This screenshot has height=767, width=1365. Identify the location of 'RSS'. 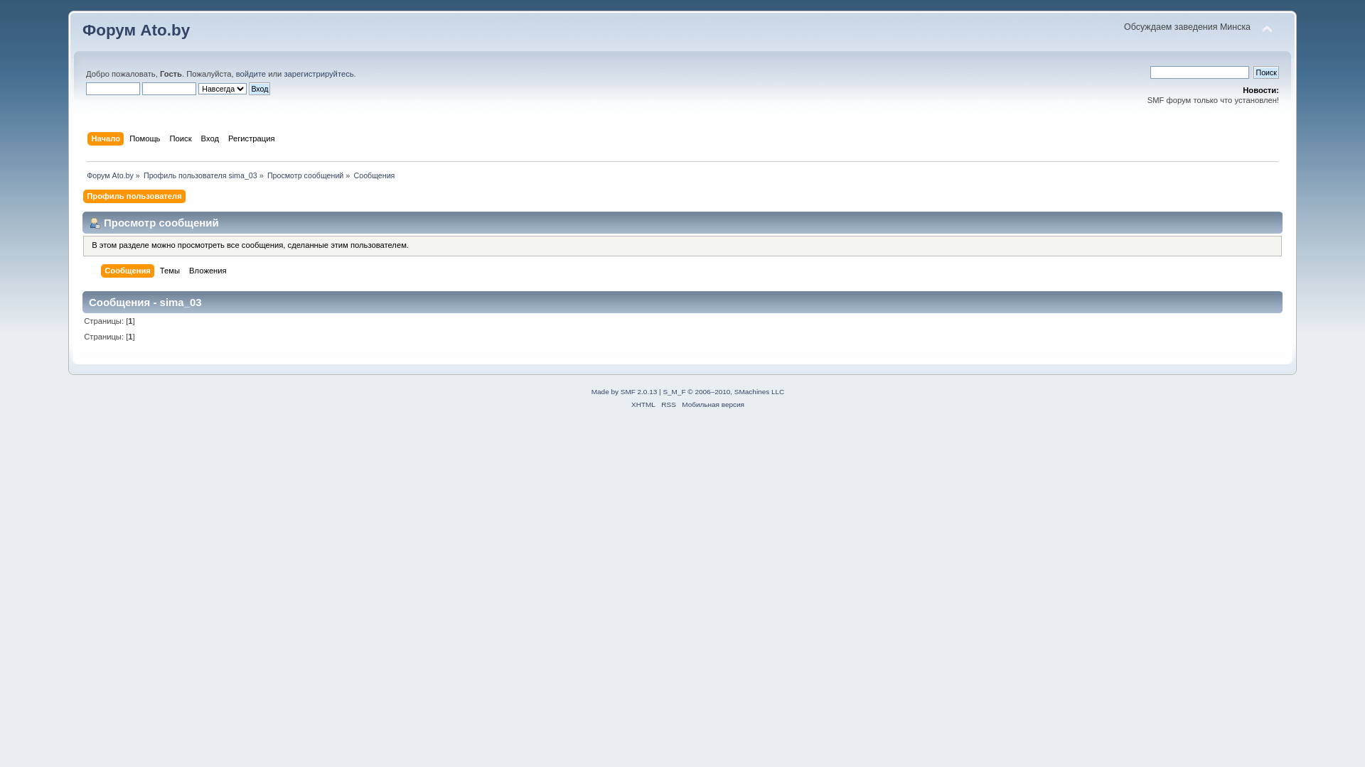
(668, 404).